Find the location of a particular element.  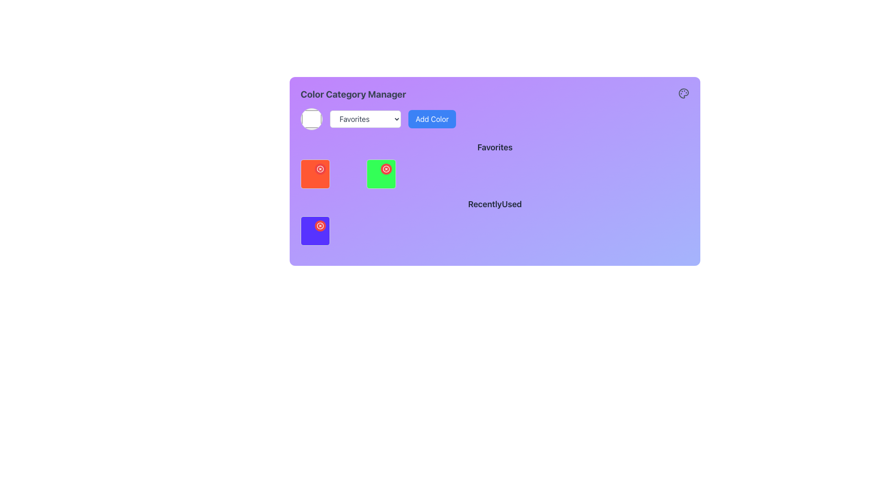

the embedded delete button located in the top-right corner of the square selection box with a purple background and a light-gray border is located at coordinates (315, 231).